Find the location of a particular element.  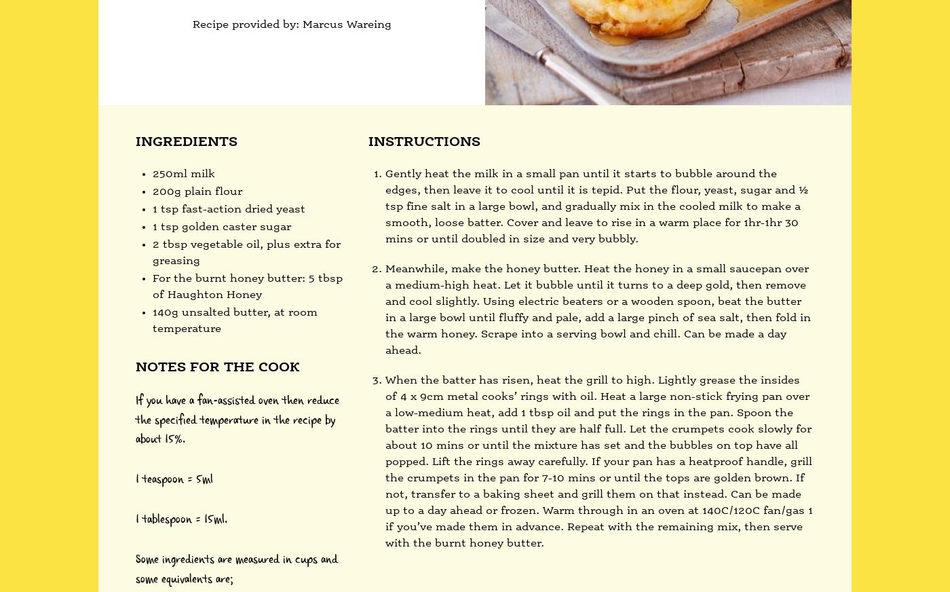

'If you have a fan-assisted oven then reduce the specified temperature in the recipe by about 15%.' is located at coordinates (237, 420).